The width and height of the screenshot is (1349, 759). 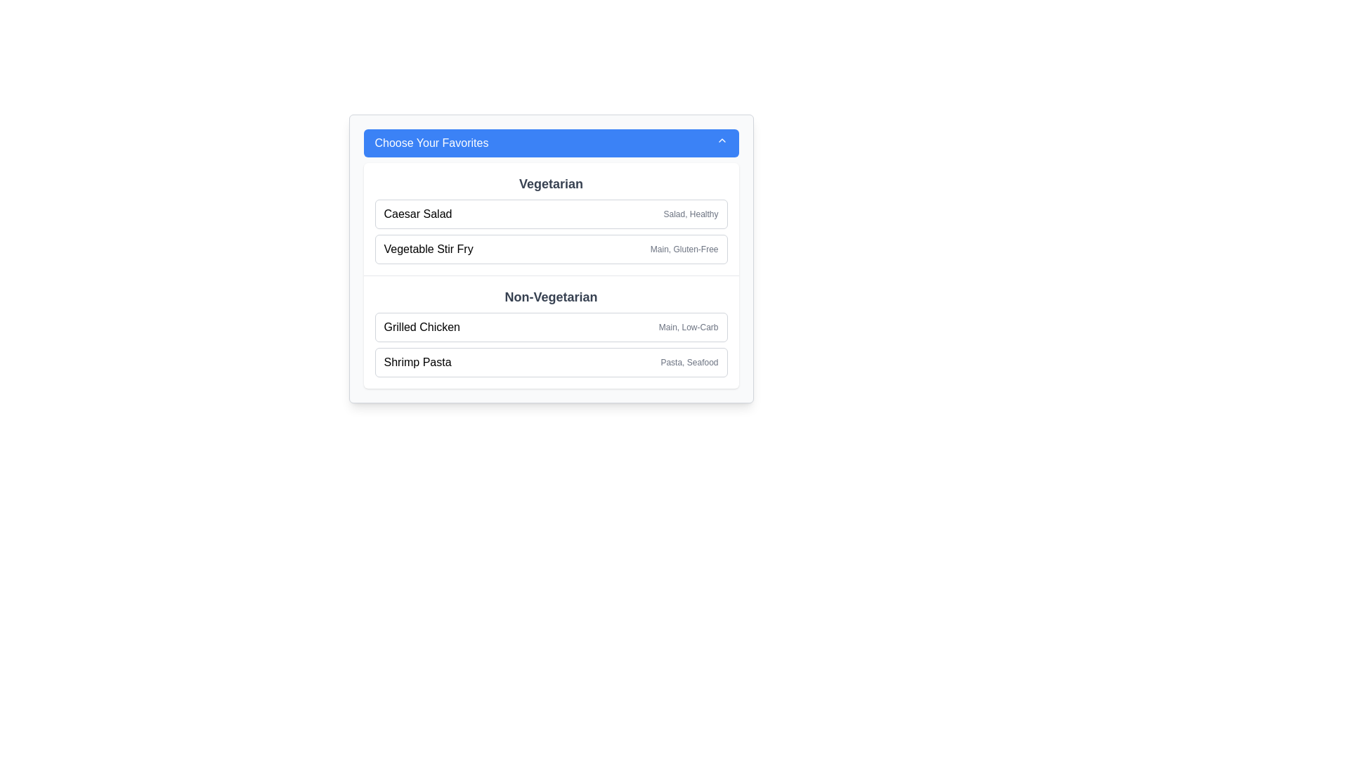 I want to click on the text label that reads 'Main, Low-Carb', which is styled in light gray and positioned to the right of the 'Grilled Chicken' title in the Non-Vegetarian section, so click(x=689, y=327).